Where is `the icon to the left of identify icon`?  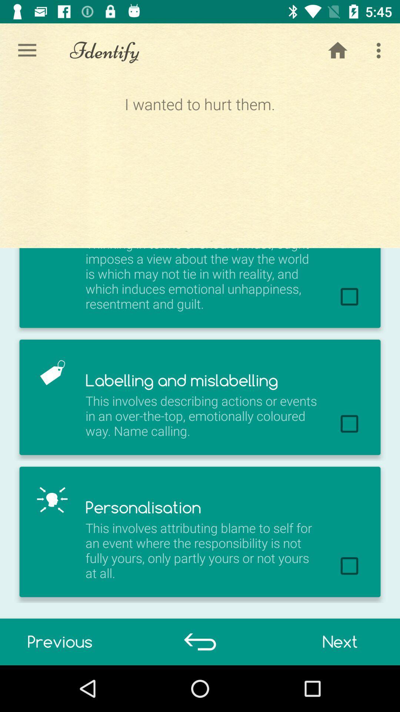 the icon to the left of identify icon is located at coordinates (27, 50).